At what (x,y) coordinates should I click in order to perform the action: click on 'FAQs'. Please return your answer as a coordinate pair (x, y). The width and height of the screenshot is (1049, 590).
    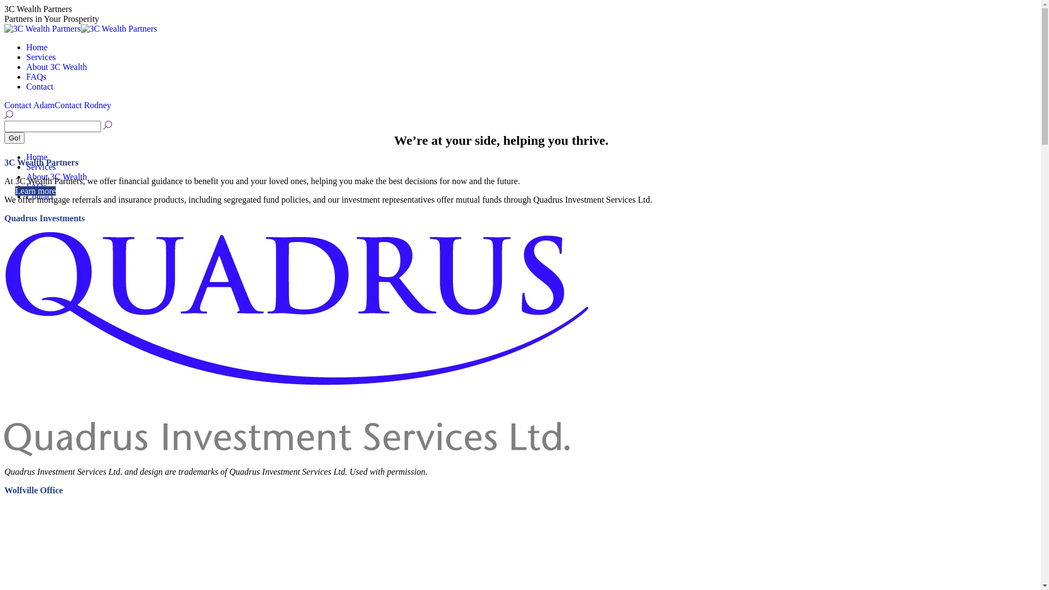
    Looking at the image, I should click on (36, 76).